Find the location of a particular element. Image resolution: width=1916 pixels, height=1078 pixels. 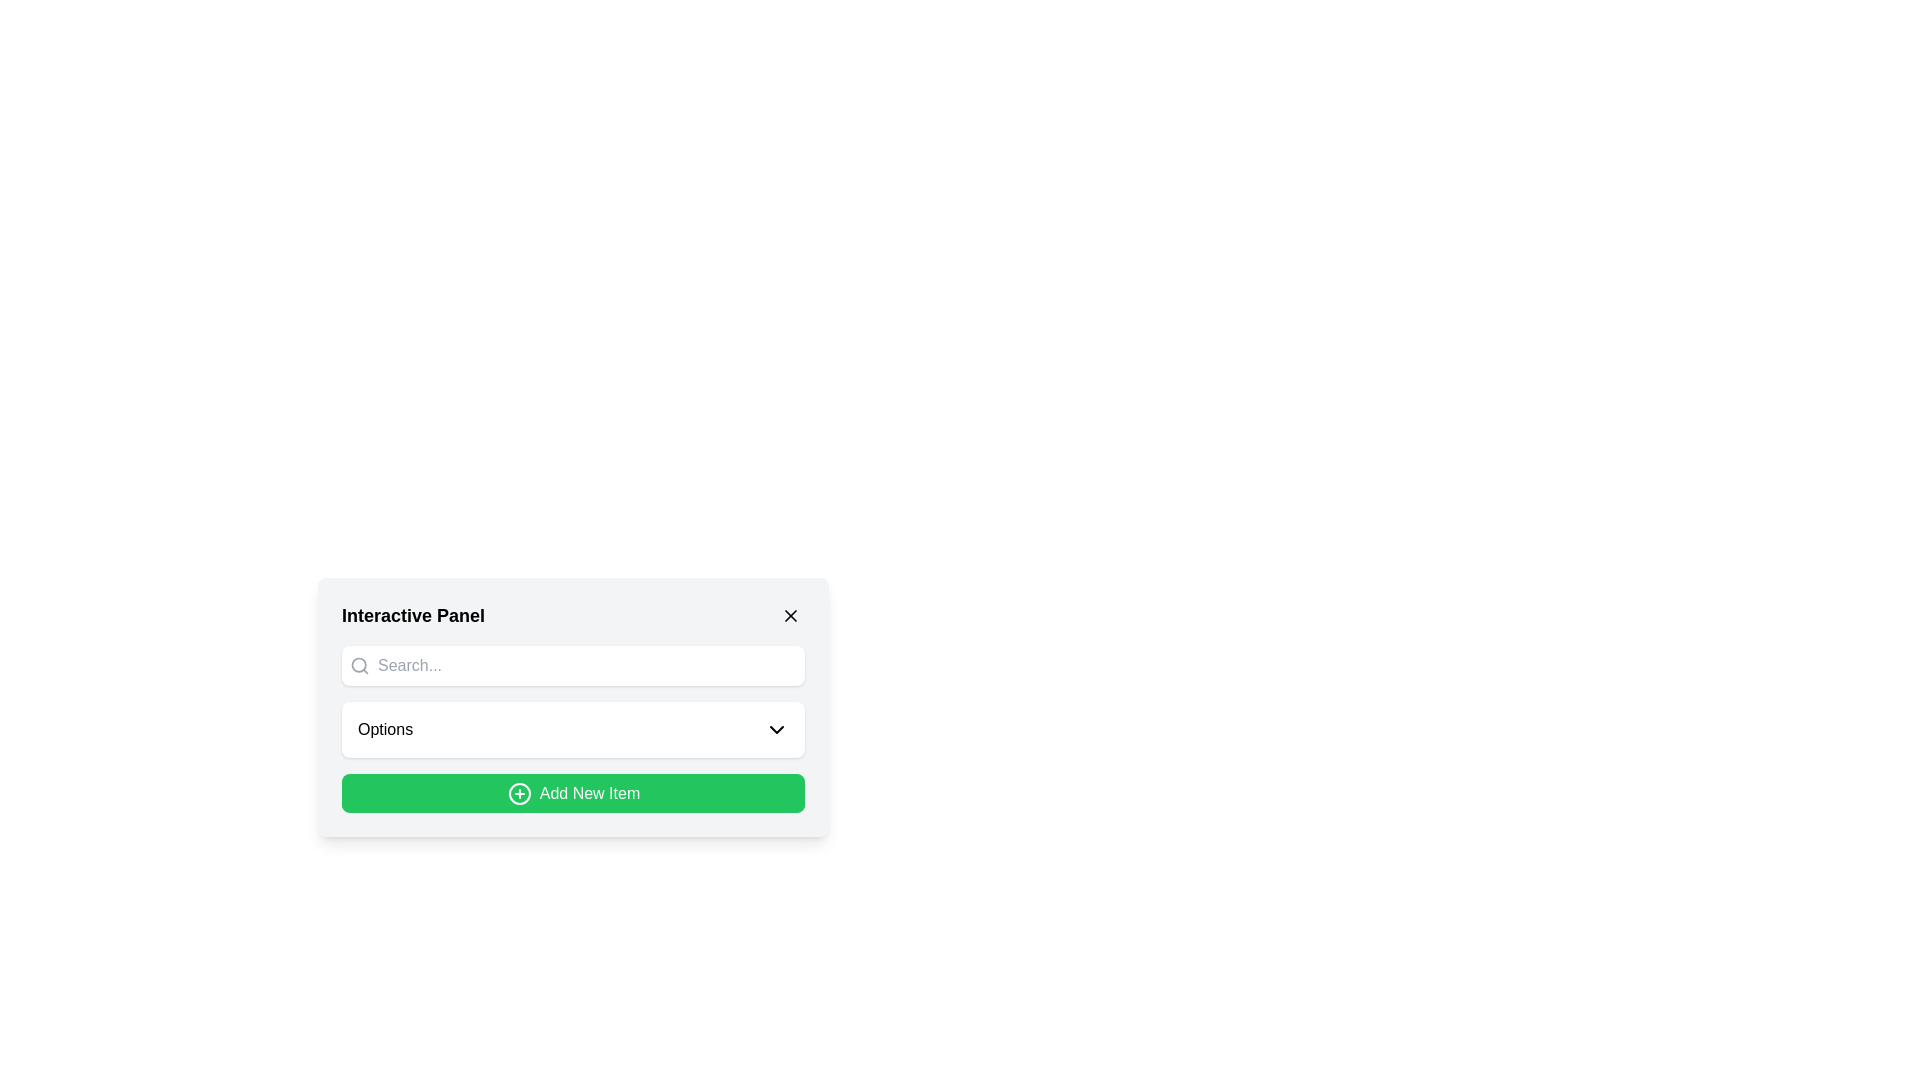

the small diagonal cross icon in the top-right corner of the Interactive Panel is located at coordinates (789, 615).